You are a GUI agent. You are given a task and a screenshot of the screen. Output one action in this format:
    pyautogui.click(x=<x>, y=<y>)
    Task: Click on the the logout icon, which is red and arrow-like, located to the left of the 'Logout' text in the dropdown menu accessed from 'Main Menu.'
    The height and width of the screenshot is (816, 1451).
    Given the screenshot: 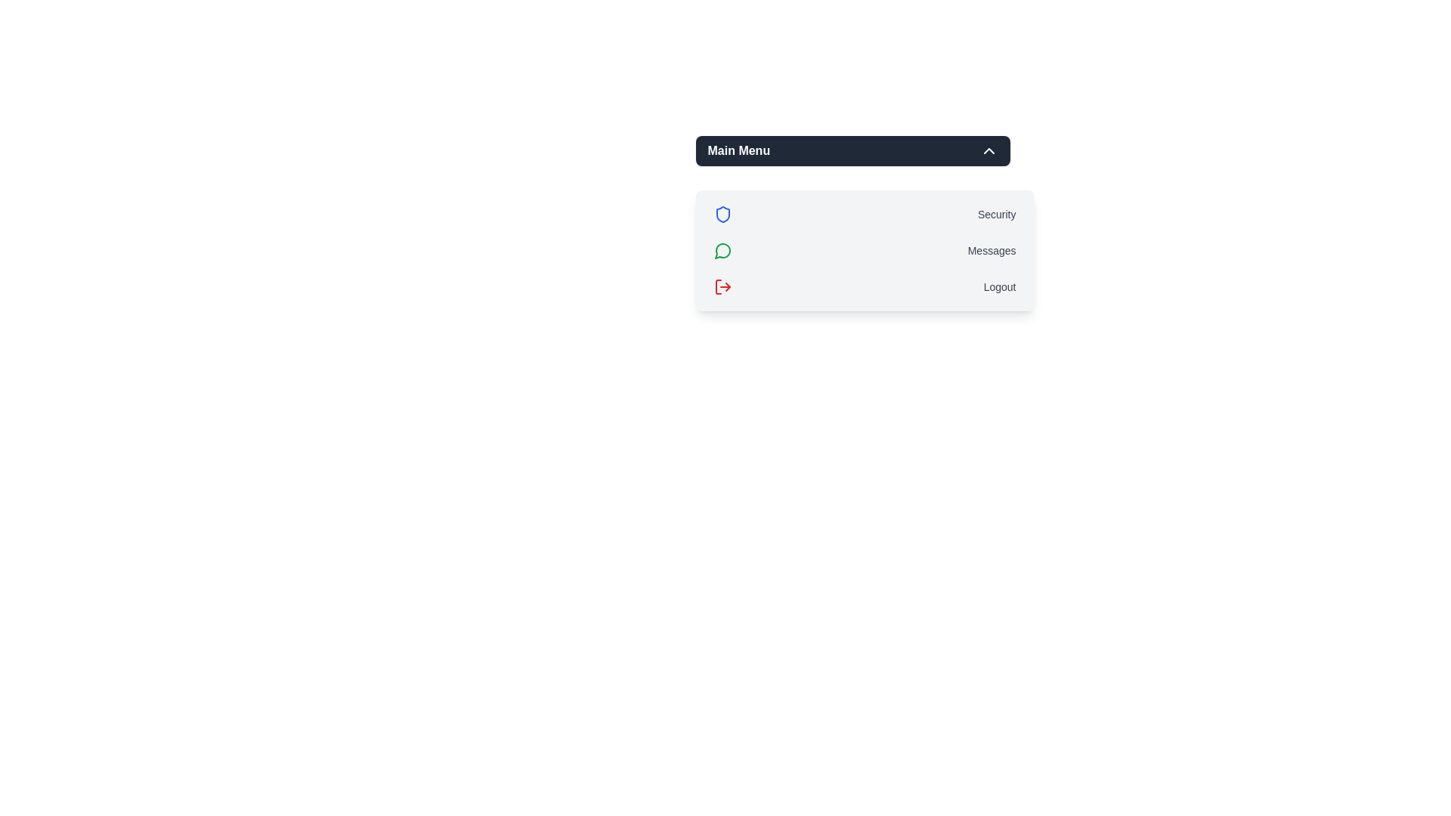 What is the action you would take?
    pyautogui.click(x=722, y=287)
    